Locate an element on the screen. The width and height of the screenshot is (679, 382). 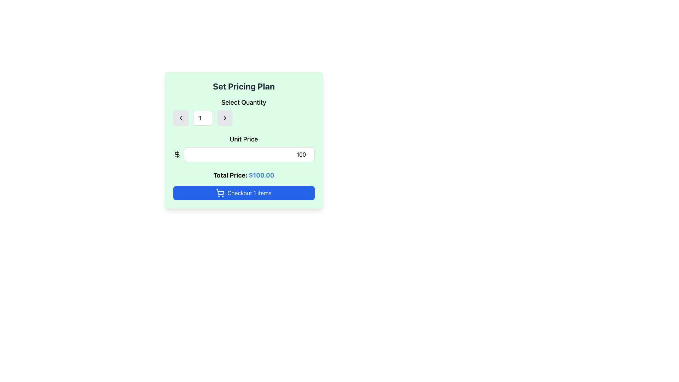
the navigation button located at the top-center of the card-like section, which is used to increase a quantity or move forward in a sequence is located at coordinates (224, 118).